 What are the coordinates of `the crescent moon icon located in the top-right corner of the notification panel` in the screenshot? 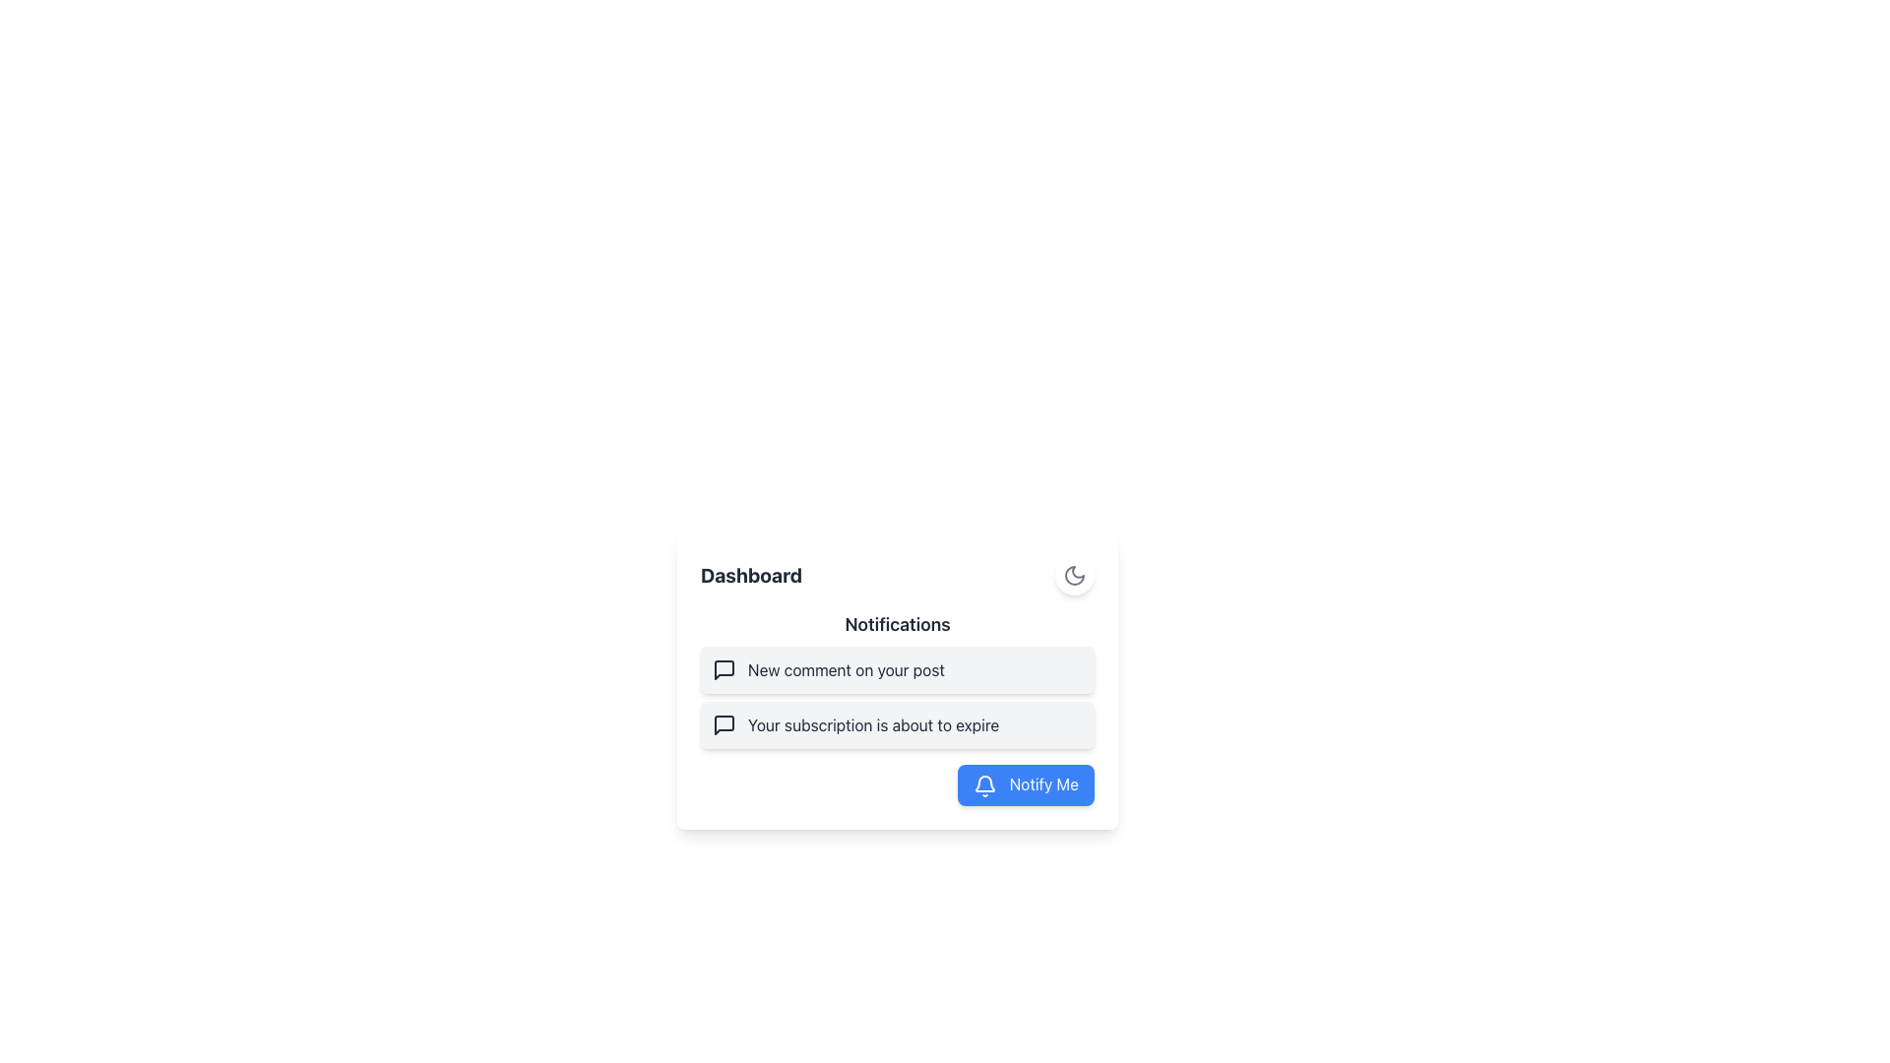 It's located at (1073, 576).